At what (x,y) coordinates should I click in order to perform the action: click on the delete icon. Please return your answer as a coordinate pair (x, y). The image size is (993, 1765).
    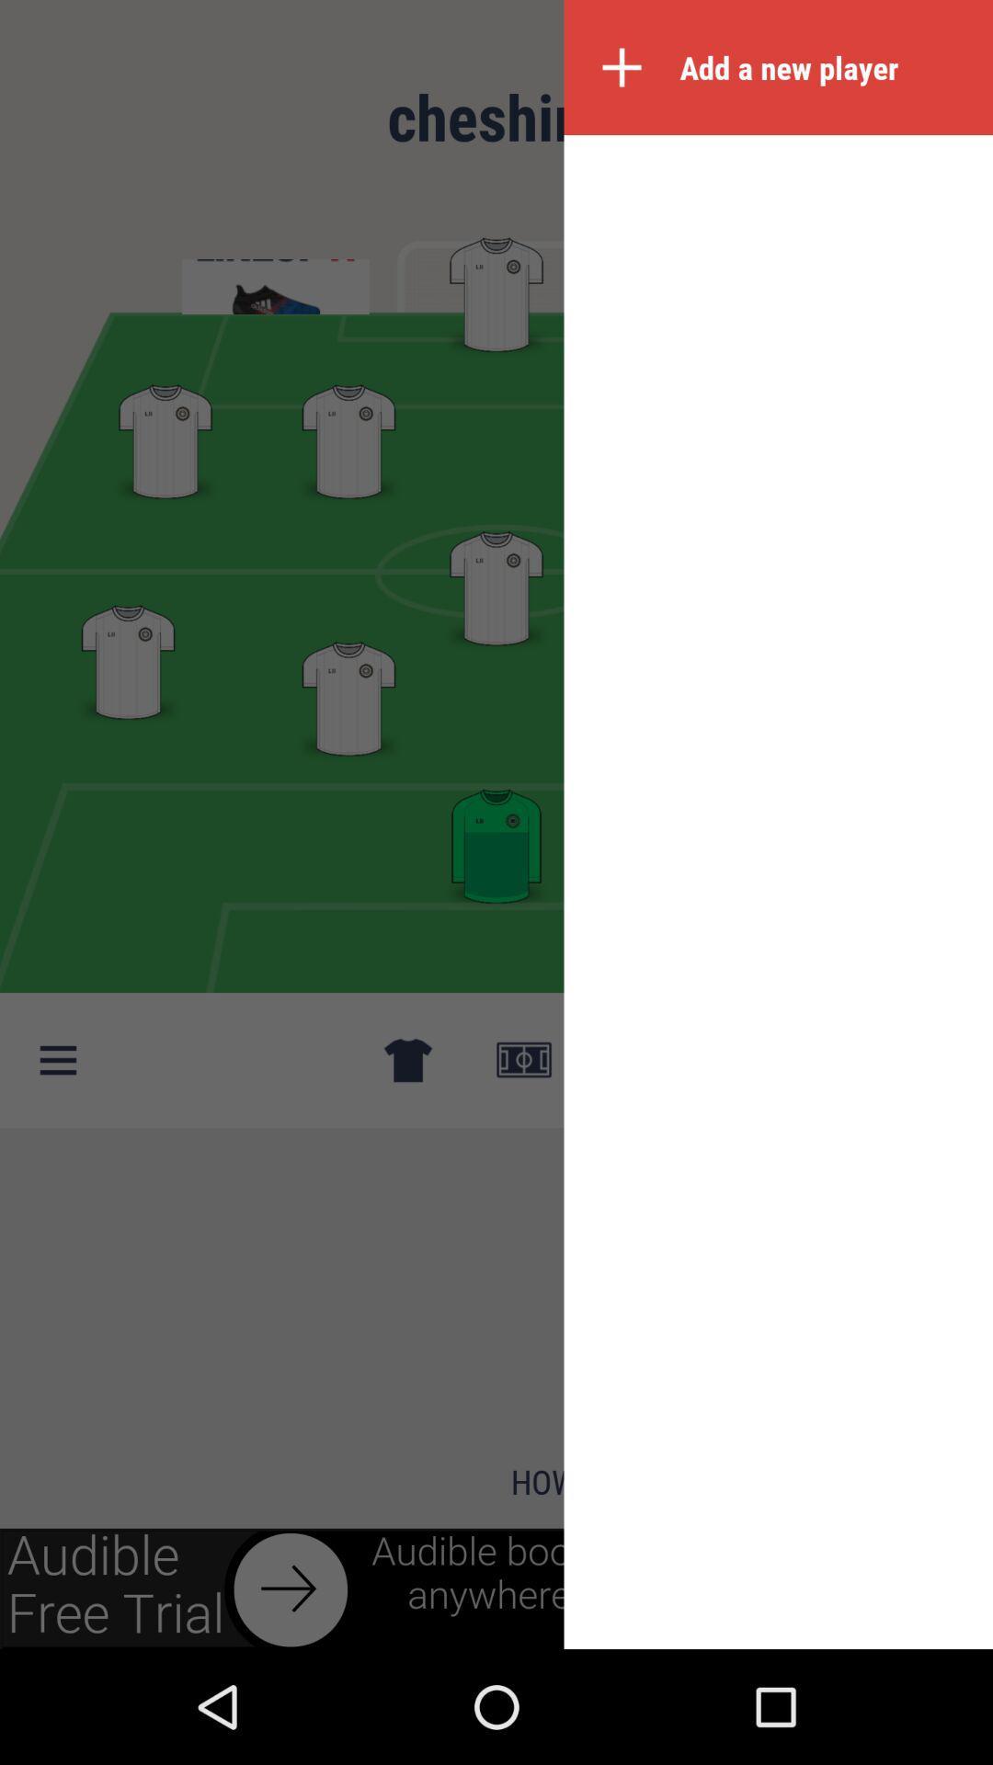
    Looking at the image, I should click on (406, 1060).